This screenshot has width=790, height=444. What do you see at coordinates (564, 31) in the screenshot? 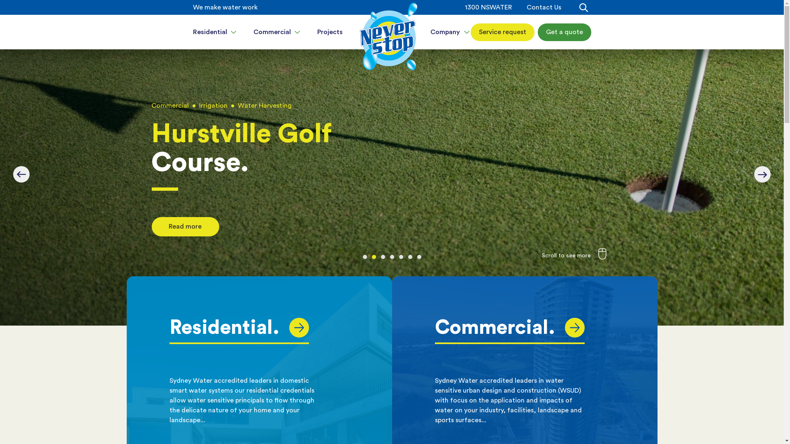
I see `'Get a quote'` at bounding box center [564, 31].